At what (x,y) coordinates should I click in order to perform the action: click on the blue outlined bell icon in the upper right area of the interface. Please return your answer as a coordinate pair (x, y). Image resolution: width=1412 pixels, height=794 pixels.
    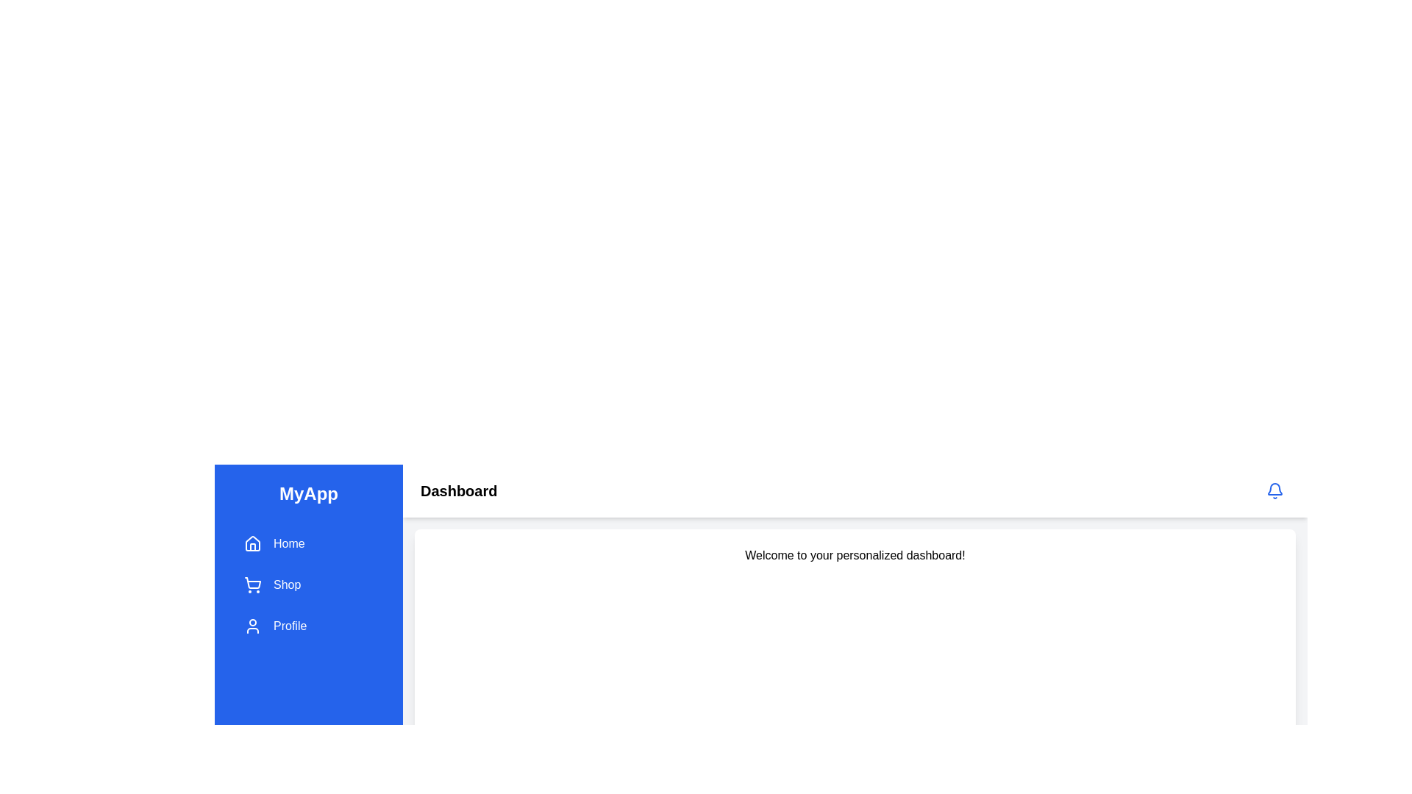
    Looking at the image, I should click on (1274, 490).